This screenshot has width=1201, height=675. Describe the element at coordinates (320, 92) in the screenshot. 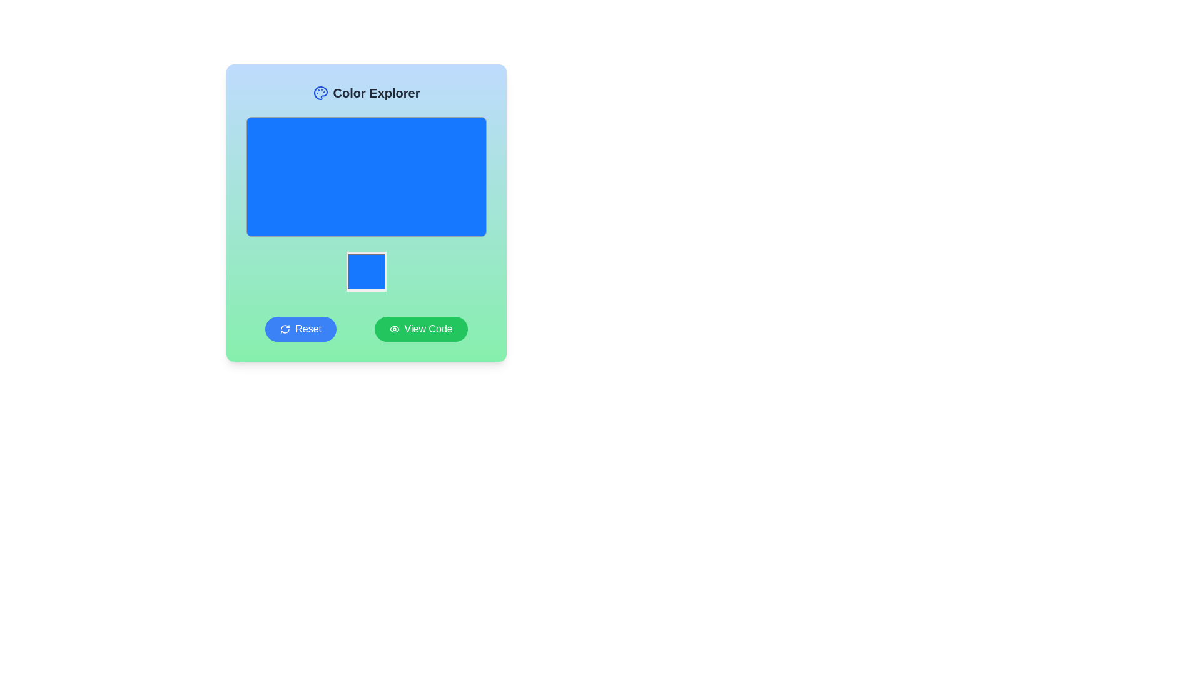

I see `the painter's palette icon located to the left of the 'Color Explorer' text label` at that location.